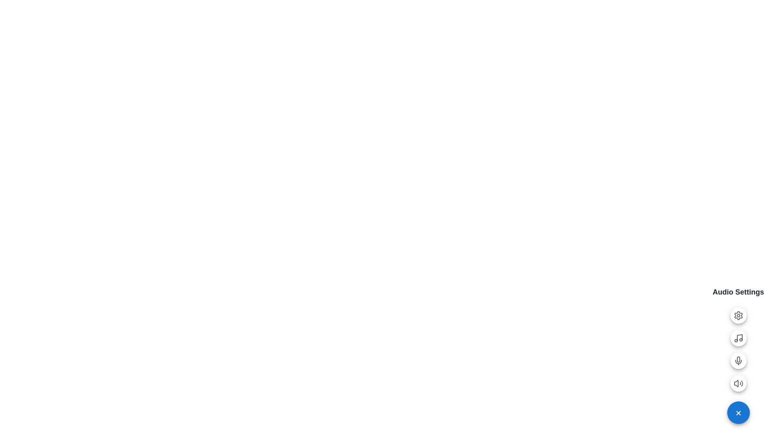 Image resolution: width=777 pixels, height=437 pixels. Describe the element at coordinates (738, 315) in the screenshot. I see `the topmost circular button in the vertical toolbar on the right-hand side of the interface` at that location.